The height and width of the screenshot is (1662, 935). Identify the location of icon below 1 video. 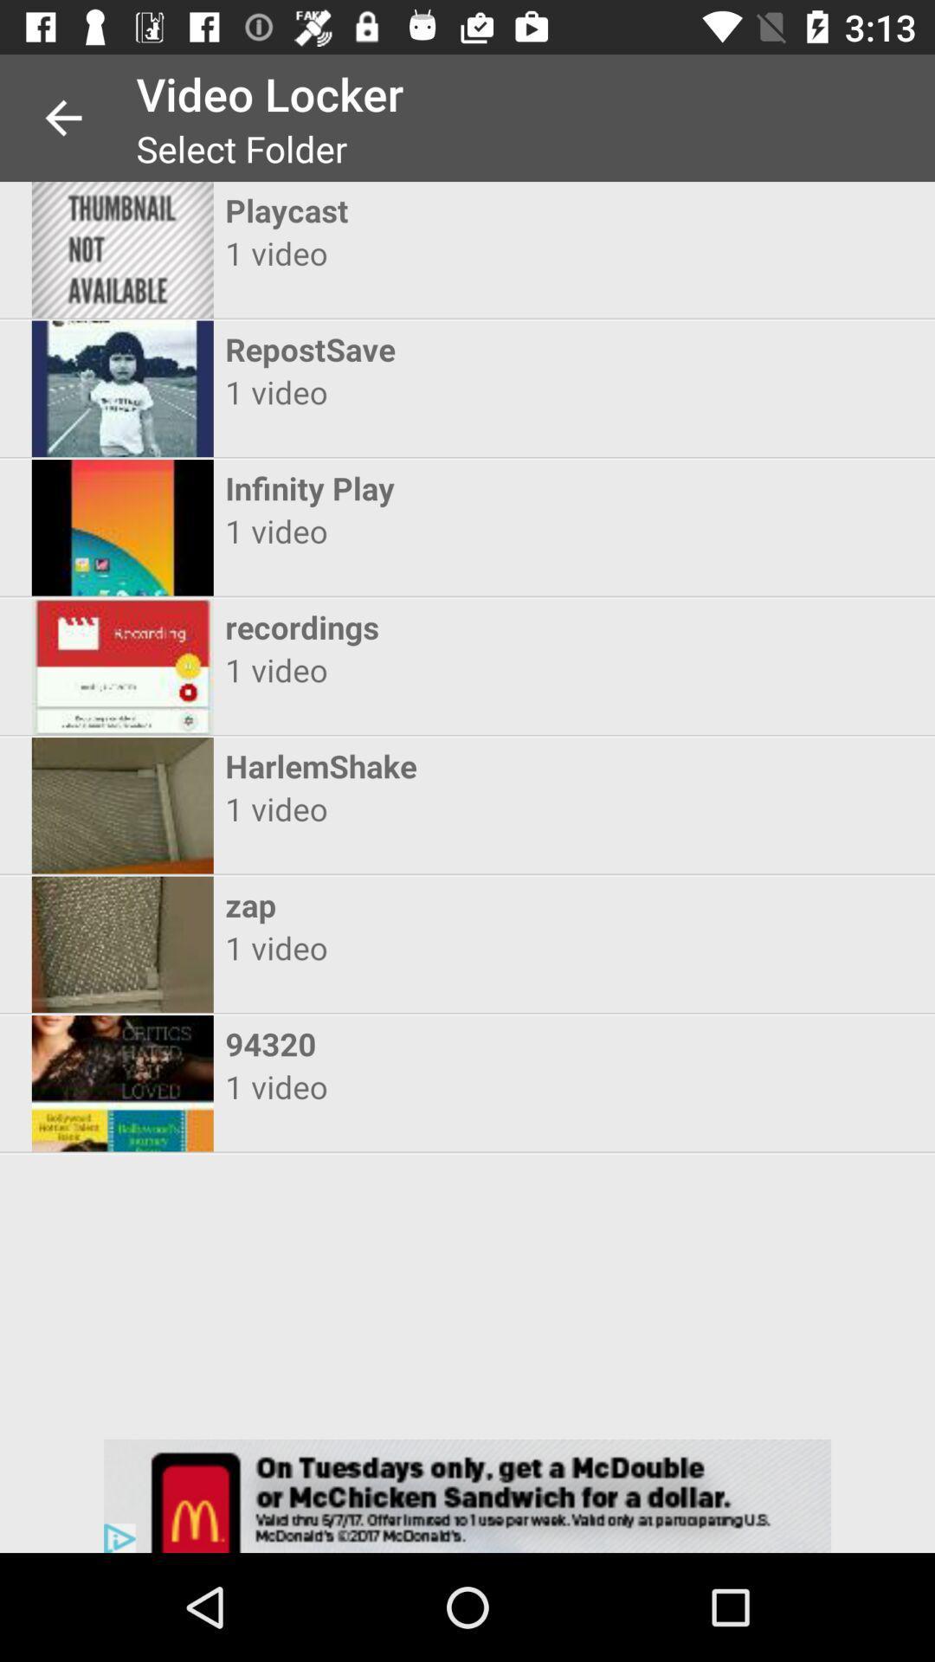
(451, 626).